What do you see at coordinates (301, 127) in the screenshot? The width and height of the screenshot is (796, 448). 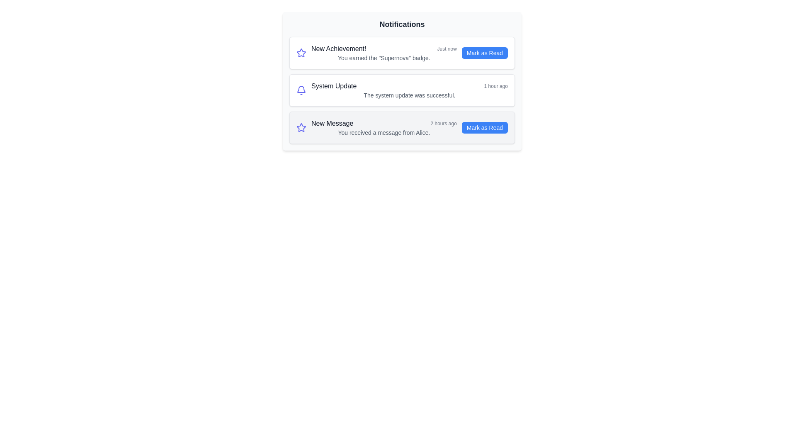 I see `the star icon with a blue outline located to the left of the text 'New Achievement!' in the notification card at the top of the notifications list` at bounding box center [301, 127].